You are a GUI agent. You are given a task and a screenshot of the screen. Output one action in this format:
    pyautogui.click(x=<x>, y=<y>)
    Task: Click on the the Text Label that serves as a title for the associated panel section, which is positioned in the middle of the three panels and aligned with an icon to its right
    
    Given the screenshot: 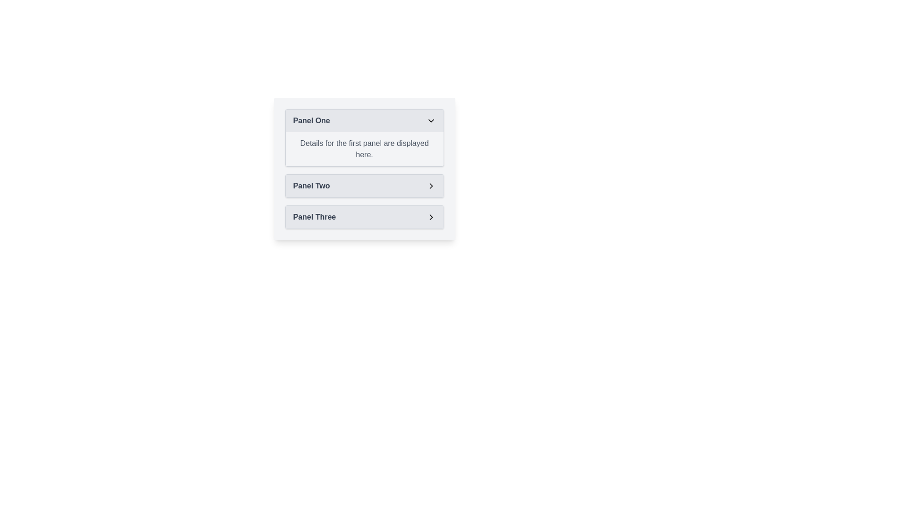 What is the action you would take?
    pyautogui.click(x=311, y=186)
    